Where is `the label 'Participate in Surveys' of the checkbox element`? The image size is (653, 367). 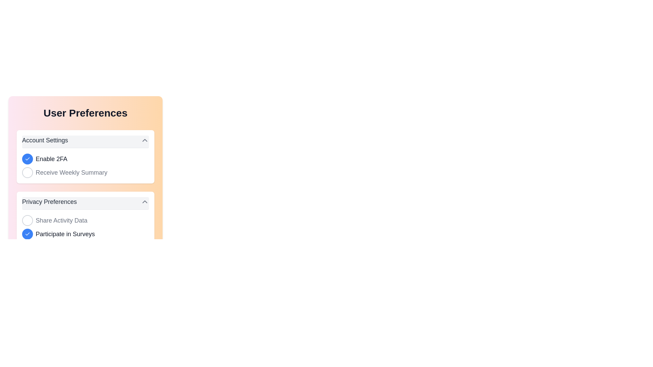 the label 'Participate in Surveys' of the checkbox element is located at coordinates (85, 234).